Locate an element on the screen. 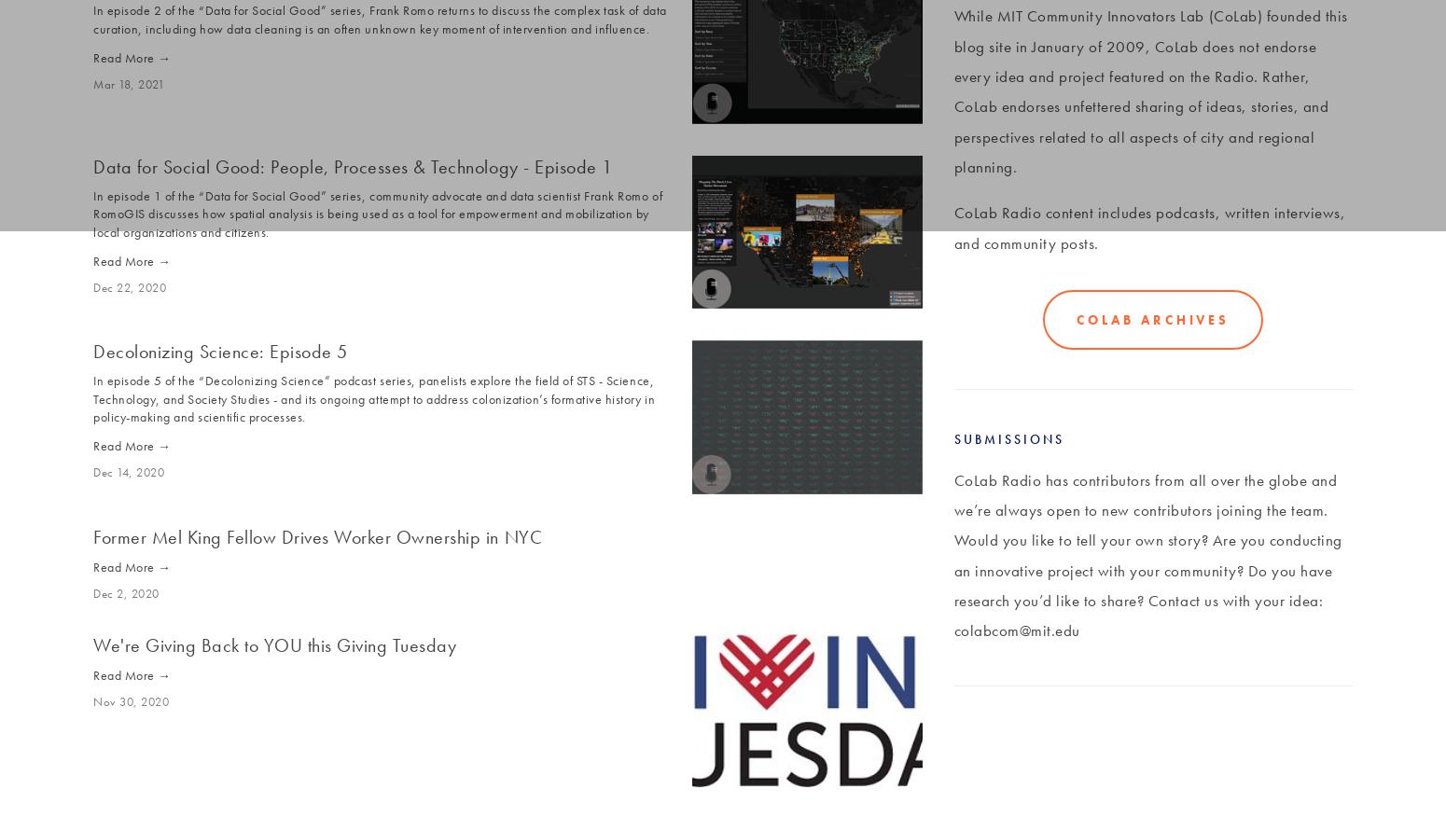 This screenshot has height=817, width=1446. 'Mar 18, 2021' is located at coordinates (128, 83).